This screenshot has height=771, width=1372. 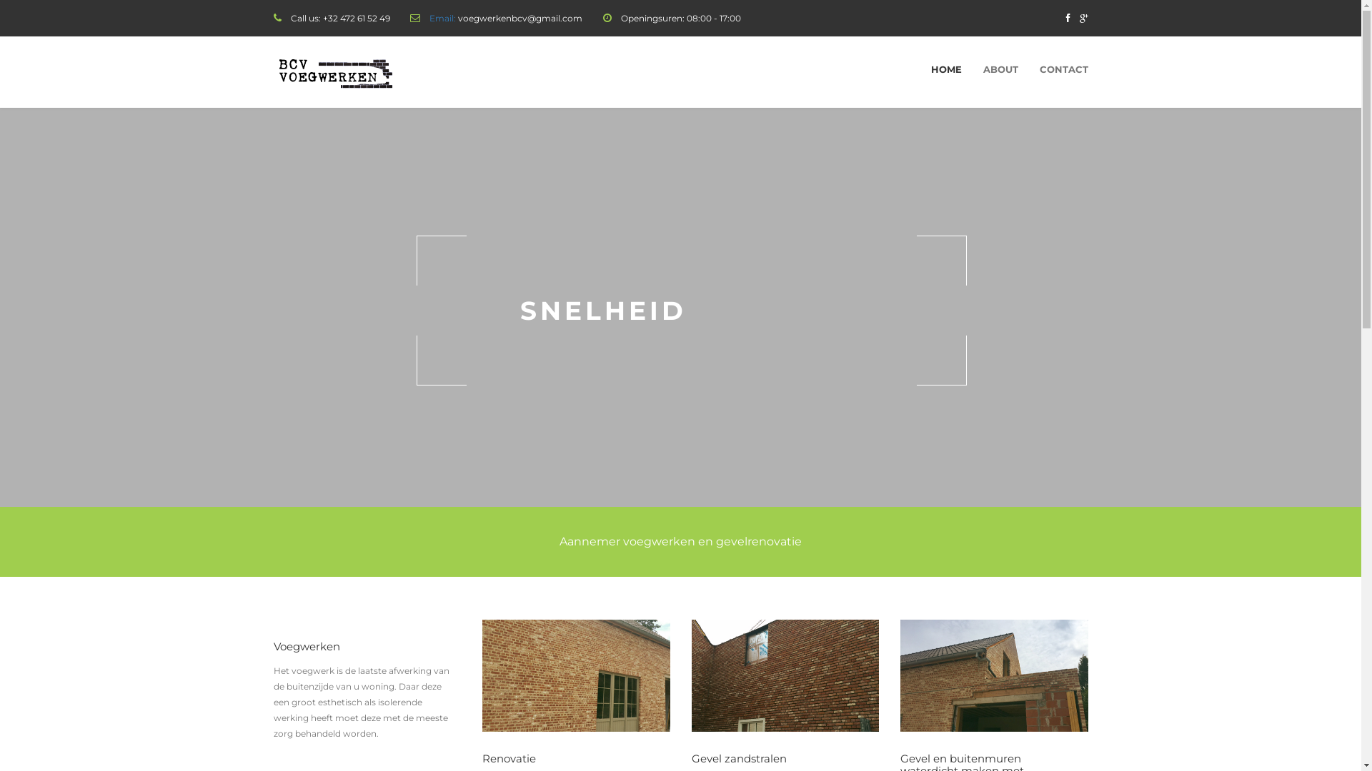 What do you see at coordinates (946, 69) in the screenshot?
I see `'HOME'` at bounding box center [946, 69].